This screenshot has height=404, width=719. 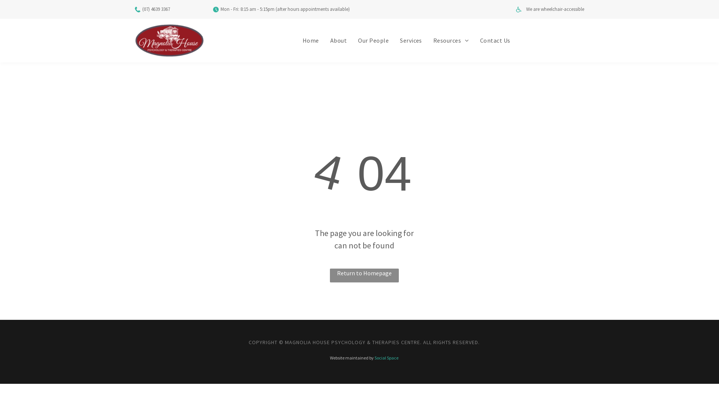 What do you see at coordinates (156, 9) in the screenshot?
I see `'(07) 4639 3367'` at bounding box center [156, 9].